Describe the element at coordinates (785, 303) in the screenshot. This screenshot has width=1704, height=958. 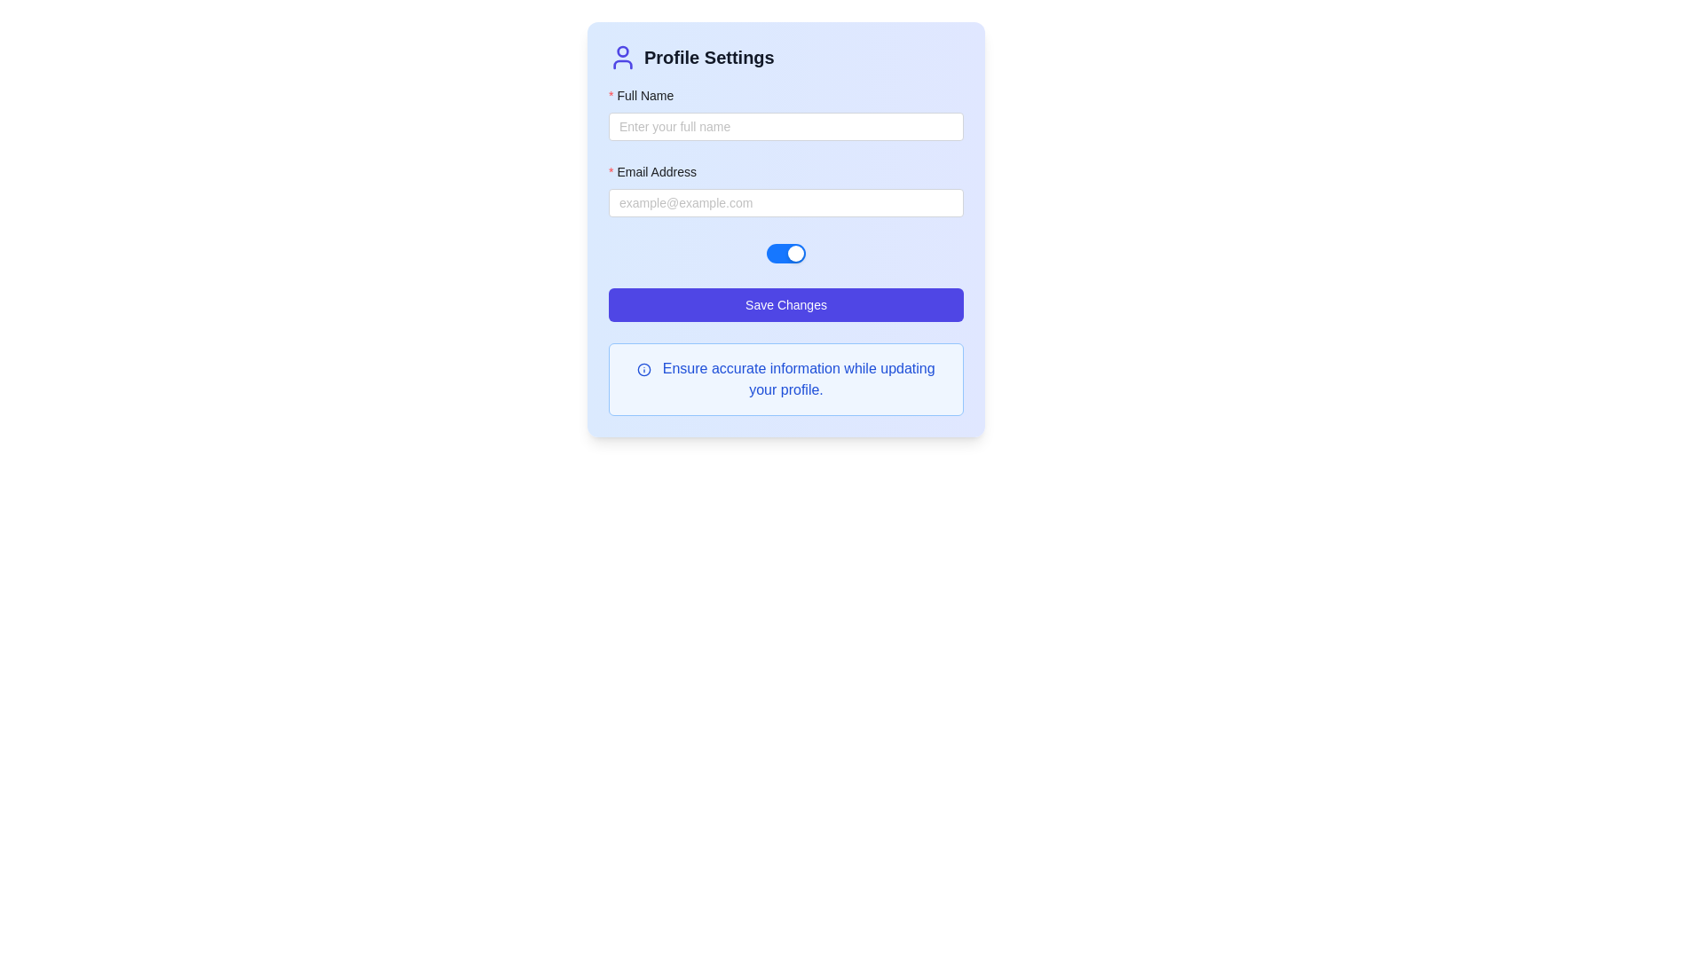
I see `the 'Save Changes' button located at the bottom of the 'Profile Settings' form` at that location.